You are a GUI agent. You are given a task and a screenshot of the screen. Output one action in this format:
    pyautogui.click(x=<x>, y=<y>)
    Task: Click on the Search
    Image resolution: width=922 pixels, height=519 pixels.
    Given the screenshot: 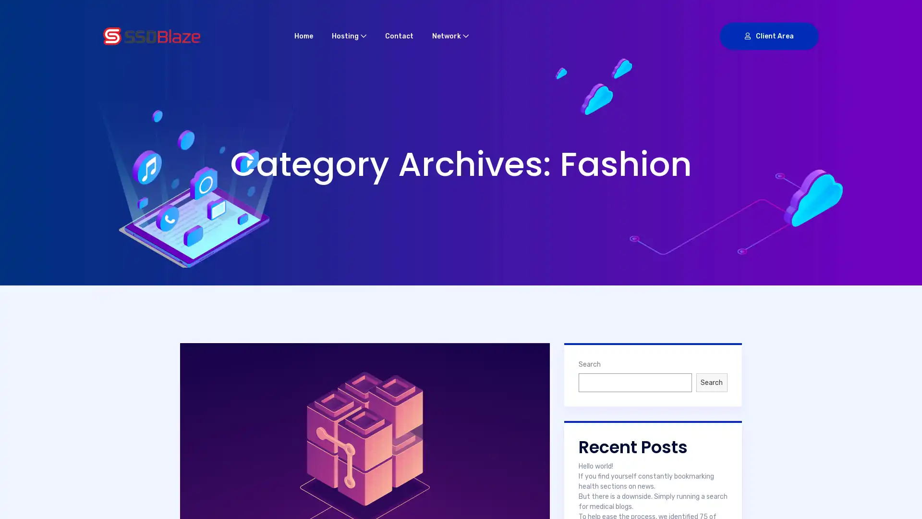 What is the action you would take?
    pyautogui.click(x=712, y=382)
    